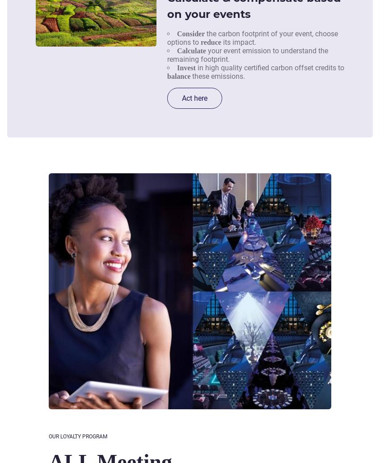 This screenshot has width=380, height=463. What do you see at coordinates (269, 67) in the screenshot?
I see `'in high quality certified carbon offset credits to'` at bounding box center [269, 67].